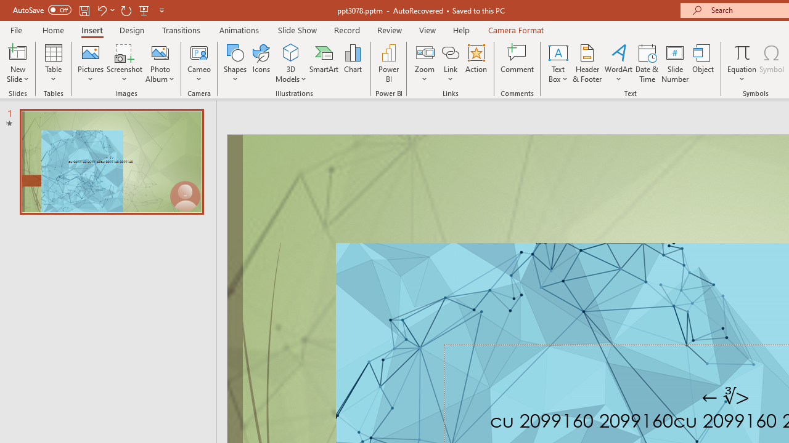 This screenshot has height=443, width=789. Describe the element at coordinates (199, 52) in the screenshot. I see `'Cameo'` at that location.